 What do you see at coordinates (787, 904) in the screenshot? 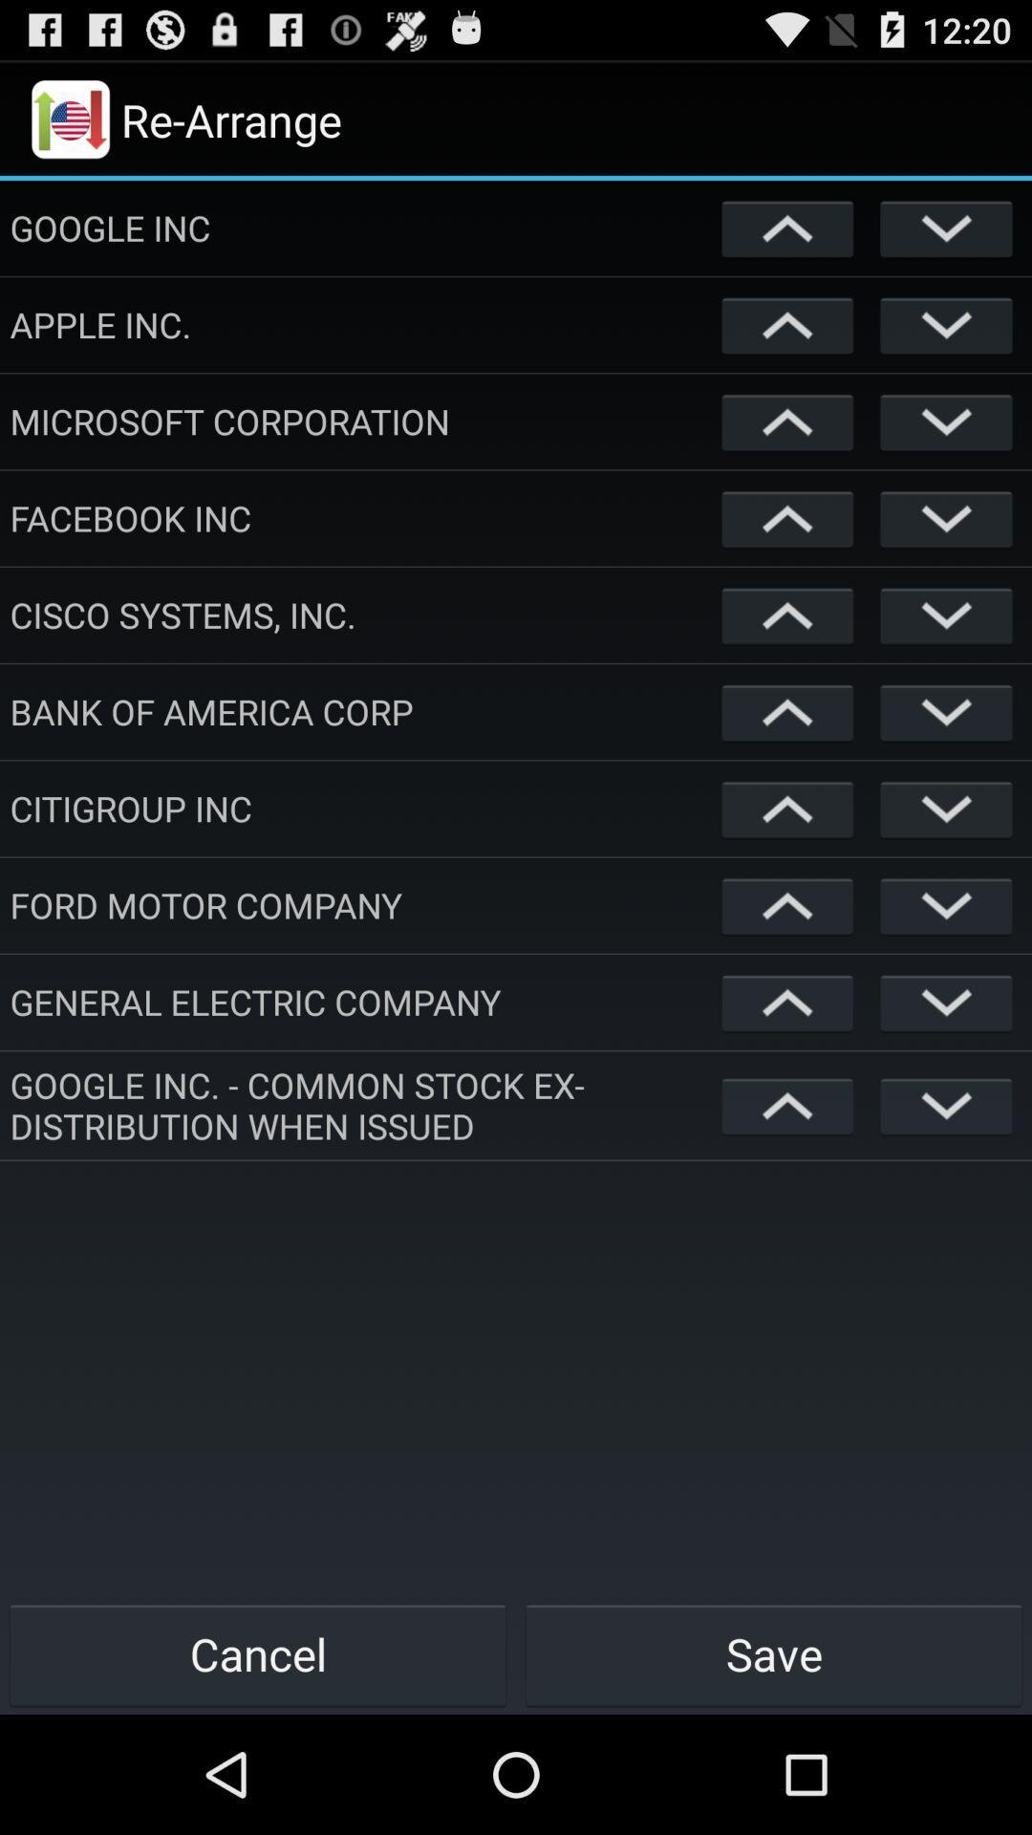
I see `move item up` at bounding box center [787, 904].